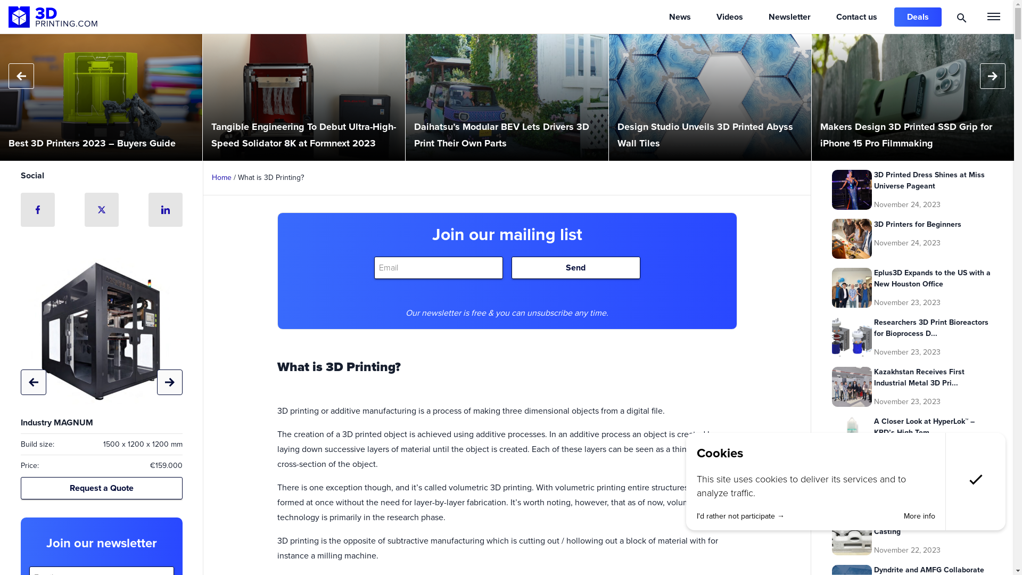 The width and height of the screenshot is (1022, 575). Describe the element at coordinates (856, 17) in the screenshot. I see `'Contact us'` at that location.